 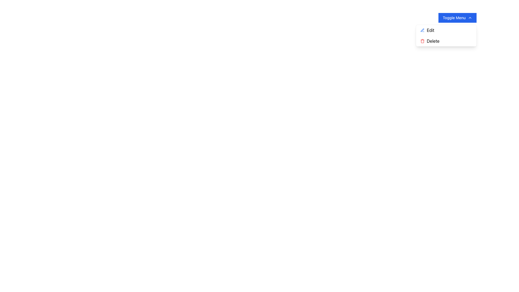 What do you see at coordinates (446, 41) in the screenshot?
I see `the 'Delete' button in the dropdown menu, which is highlighted in red and contains a trash bin icon` at bounding box center [446, 41].